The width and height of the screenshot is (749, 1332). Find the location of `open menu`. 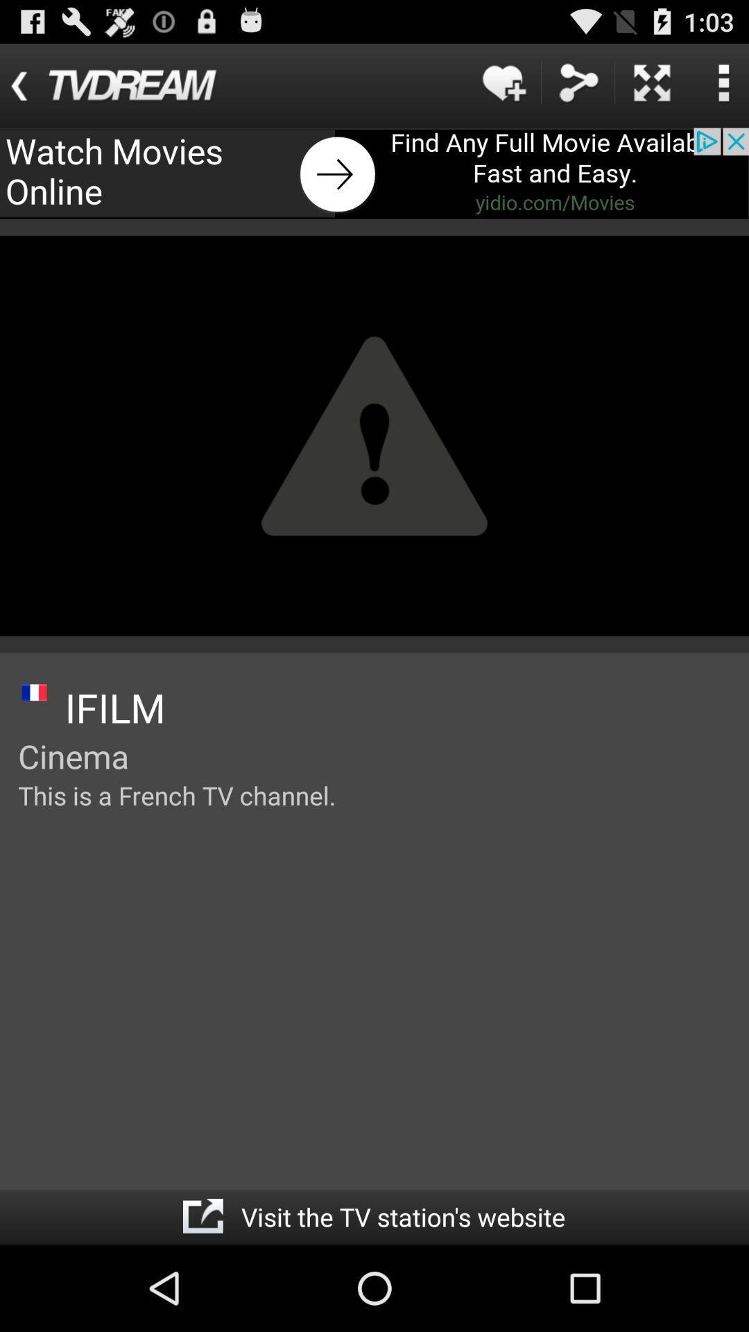

open menu is located at coordinates (723, 82).